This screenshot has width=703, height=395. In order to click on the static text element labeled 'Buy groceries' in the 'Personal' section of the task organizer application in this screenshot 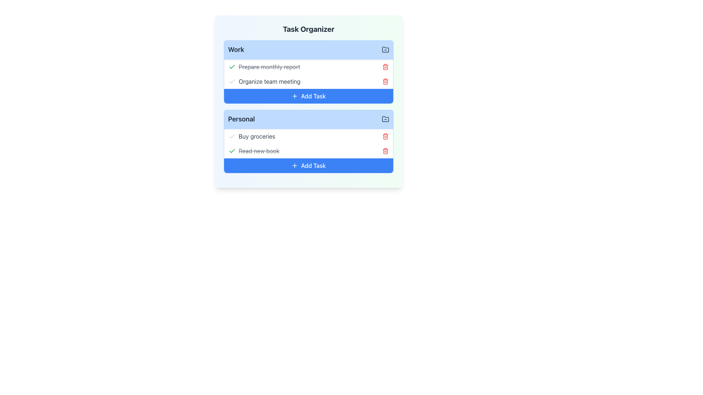, I will do `click(252, 136)`.